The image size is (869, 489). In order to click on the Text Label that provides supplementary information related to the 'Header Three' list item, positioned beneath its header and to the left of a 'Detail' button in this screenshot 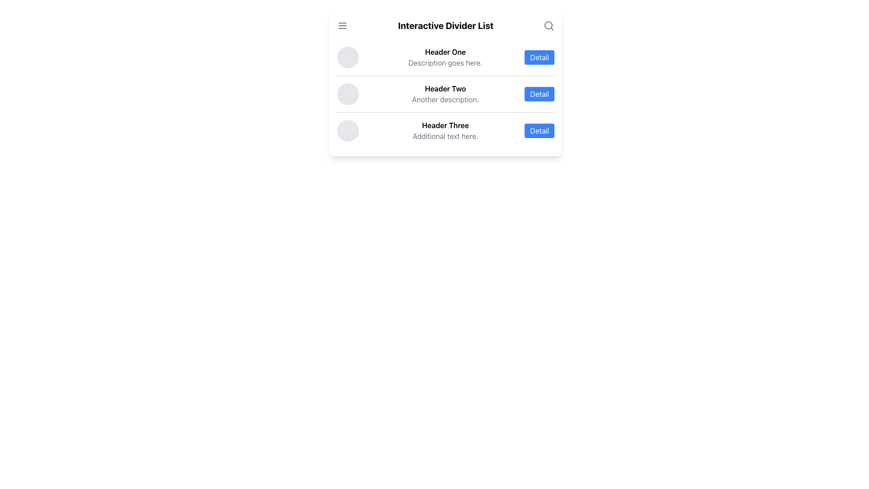, I will do `click(445, 136)`.